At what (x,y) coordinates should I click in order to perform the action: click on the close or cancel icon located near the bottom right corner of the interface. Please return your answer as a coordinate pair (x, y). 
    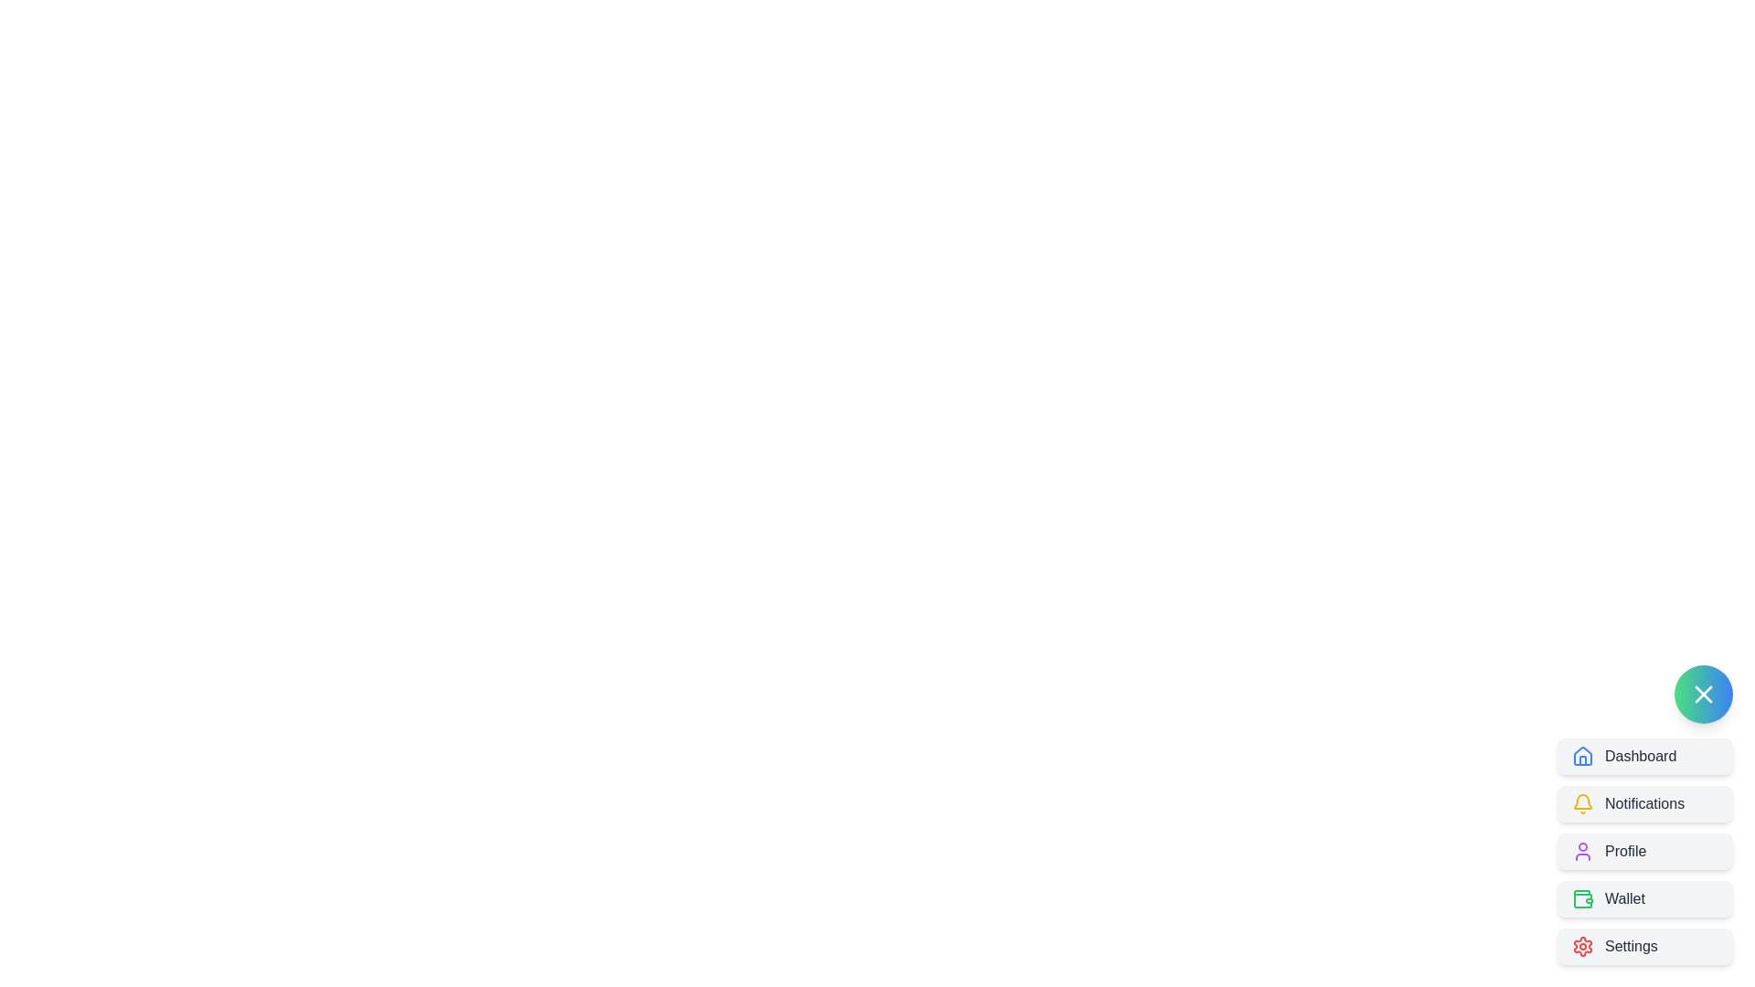
    Looking at the image, I should click on (1702, 694).